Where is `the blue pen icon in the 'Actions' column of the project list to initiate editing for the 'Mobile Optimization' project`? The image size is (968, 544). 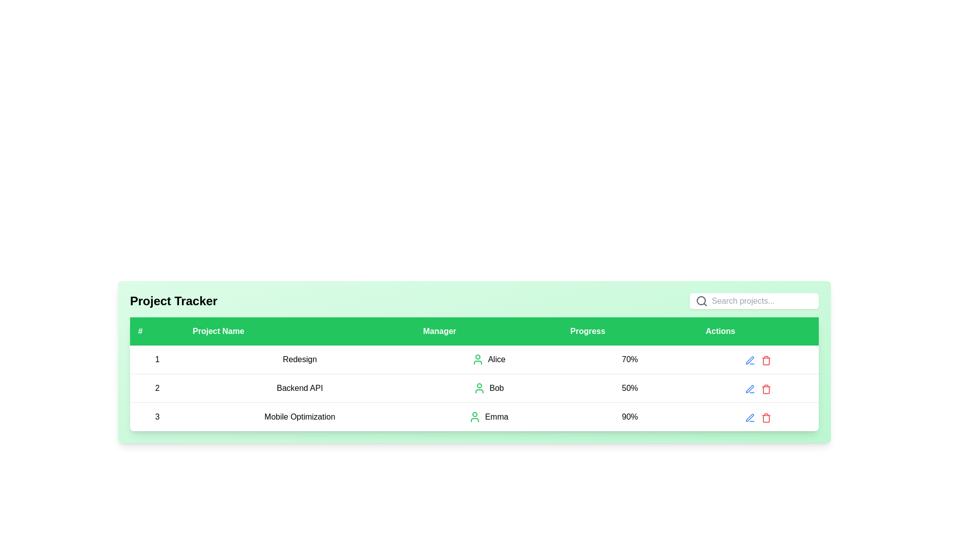 the blue pen icon in the 'Actions' column of the project list to initiate editing for the 'Mobile Optimization' project is located at coordinates (750, 360).